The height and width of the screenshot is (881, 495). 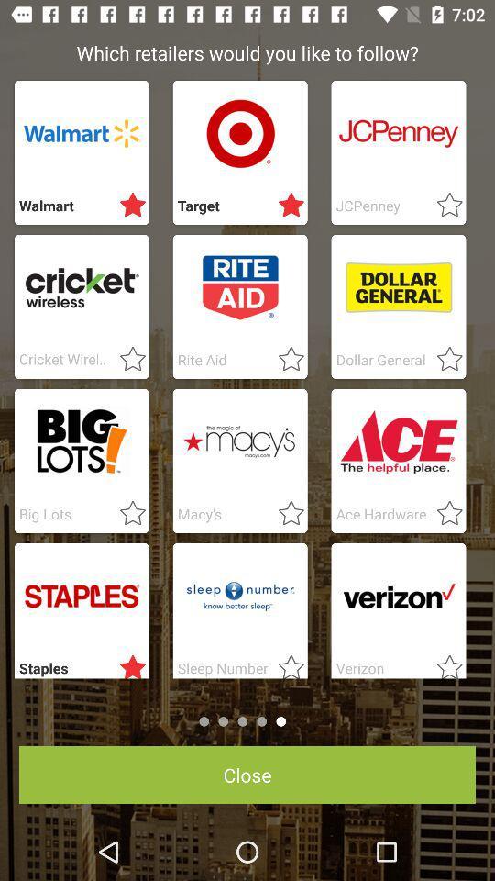 I want to click on click favorite option, so click(x=443, y=206).